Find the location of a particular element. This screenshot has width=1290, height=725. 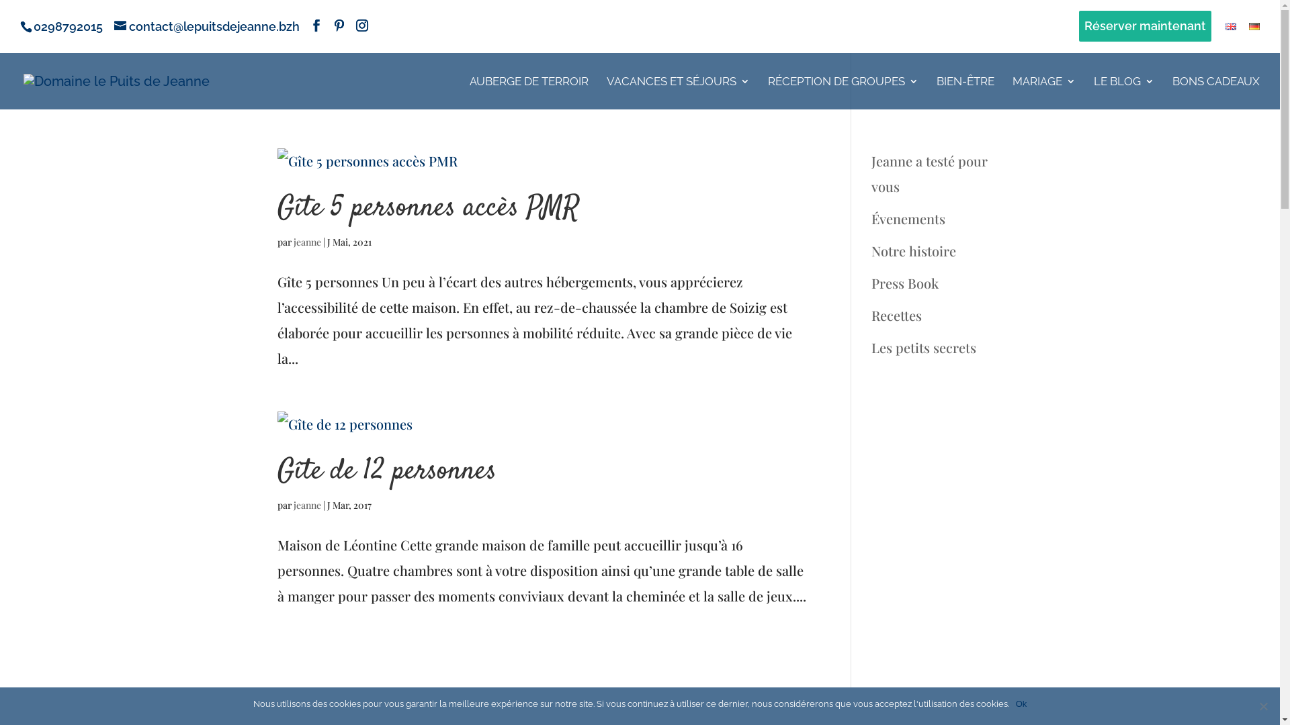

'AUBERGE DE TERROIR' is located at coordinates (528, 92).